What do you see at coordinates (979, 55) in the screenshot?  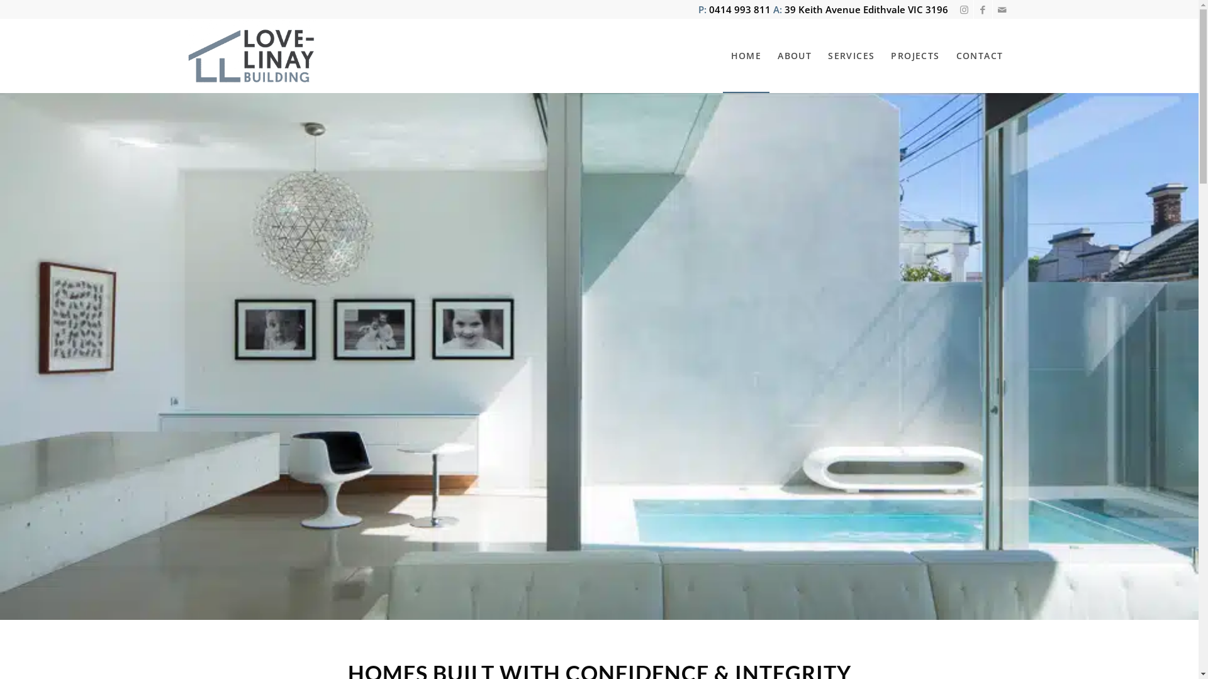 I see `'CONTACT'` at bounding box center [979, 55].